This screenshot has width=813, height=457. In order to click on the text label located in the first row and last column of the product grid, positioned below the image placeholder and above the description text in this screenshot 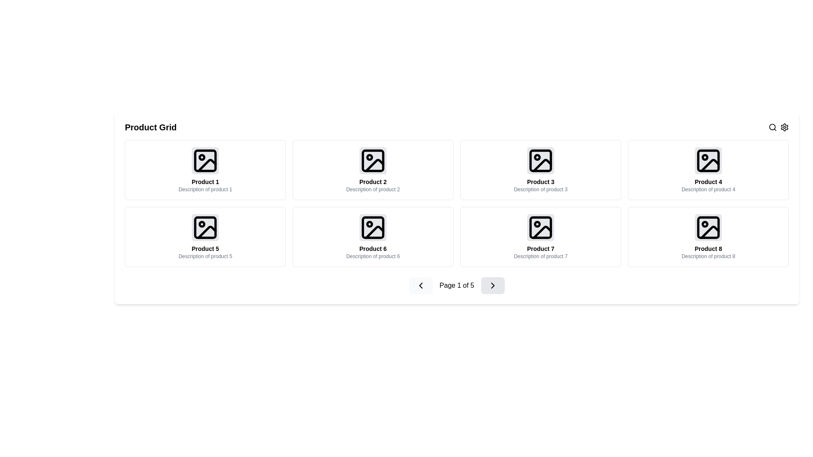, I will do `click(708, 181)`.